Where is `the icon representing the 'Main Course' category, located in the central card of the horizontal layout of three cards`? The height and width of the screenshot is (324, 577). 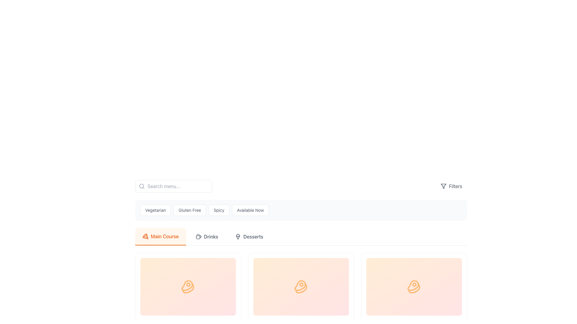 the icon representing the 'Main Course' category, located in the central card of the horizontal layout of three cards is located at coordinates (301, 286).